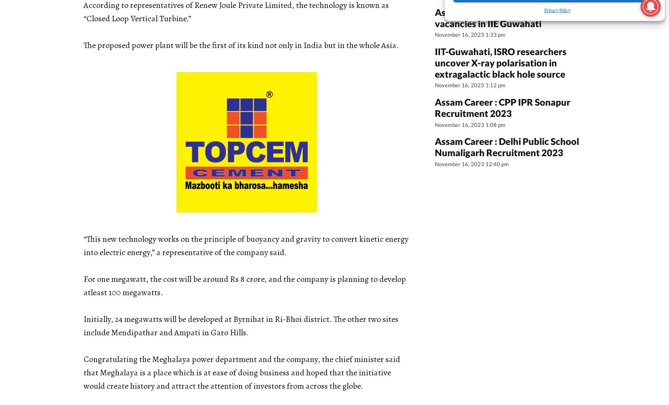 This screenshot has height=405, width=669. What do you see at coordinates (435, 34) in the screenshot?
I see `'November 16, 2023 1:33 pm'` at bounding box center [435, 34].